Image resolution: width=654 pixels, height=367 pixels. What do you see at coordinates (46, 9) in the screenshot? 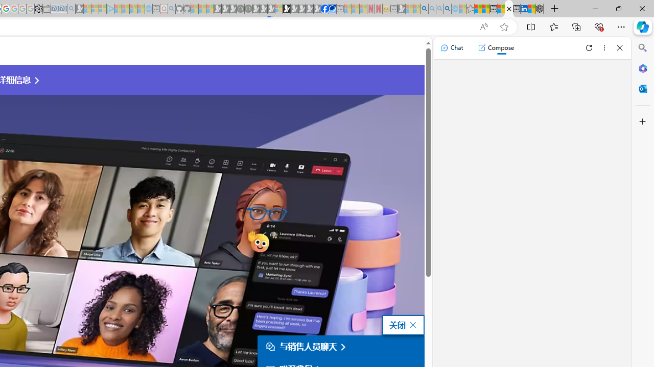
I see `'Wallet - Sleeping'` at bounding box center [46, 9].